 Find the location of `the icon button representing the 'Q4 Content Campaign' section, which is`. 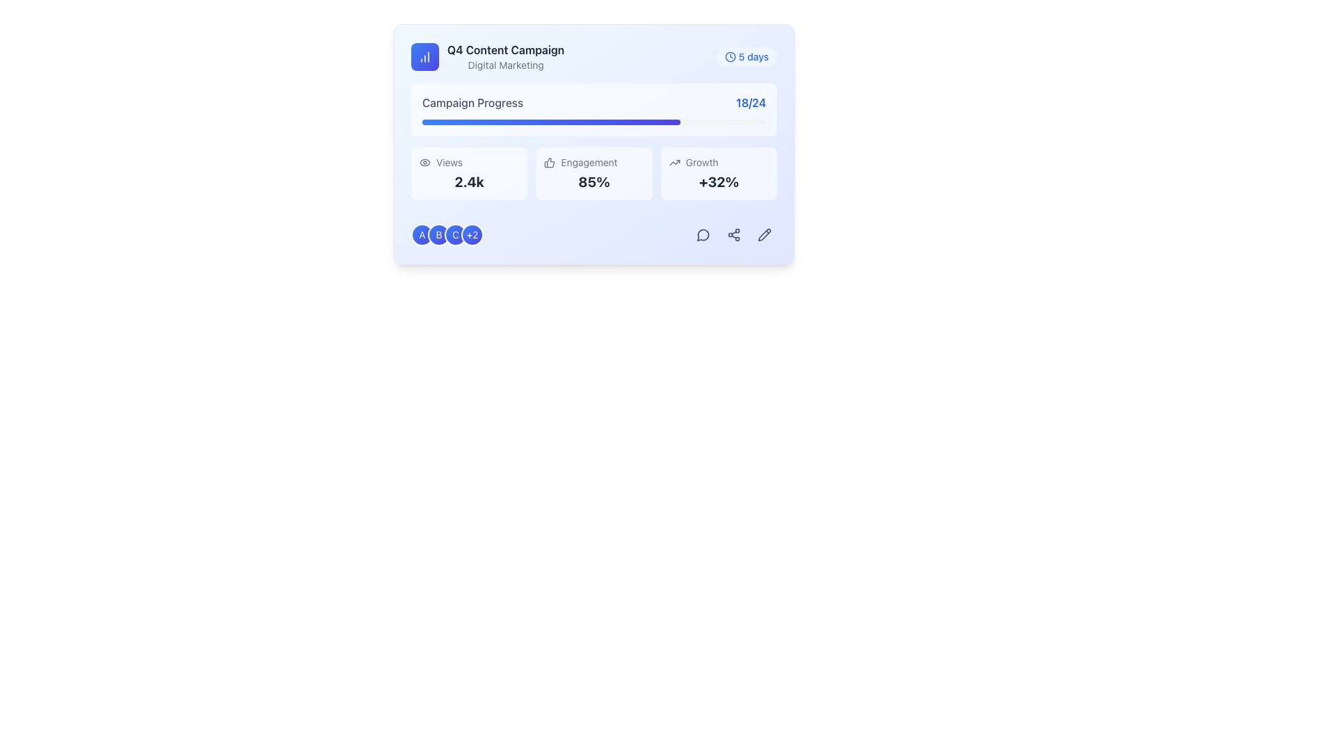

the icon button representing the 'Q4 Content Campaign' section, which is is located at coordinates (424, 56).